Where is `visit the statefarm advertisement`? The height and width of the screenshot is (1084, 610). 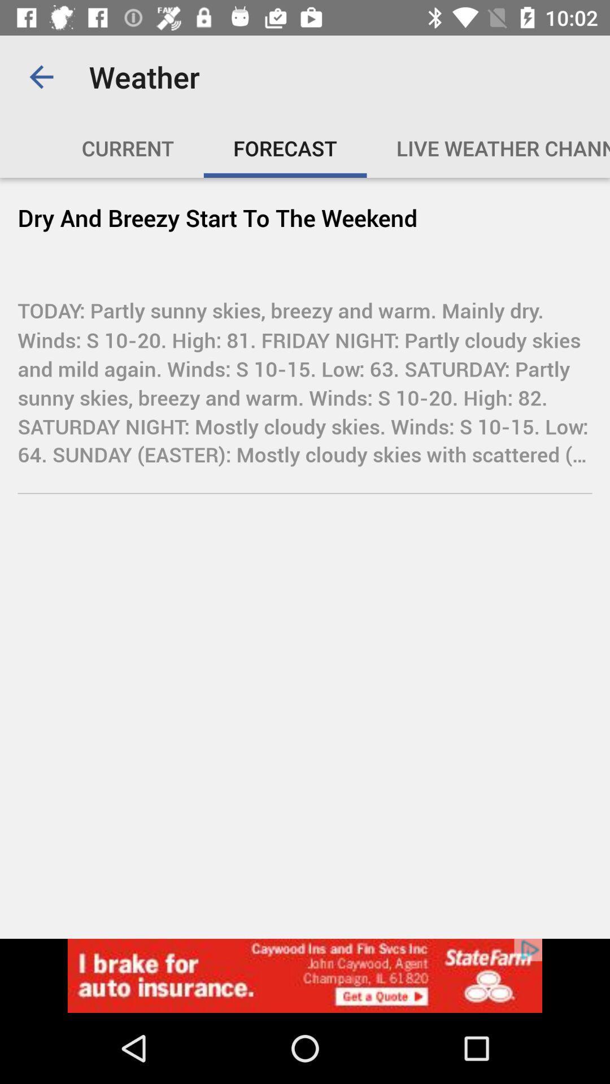 visit the statefarm advertisement is located at coordinates (305, 975).